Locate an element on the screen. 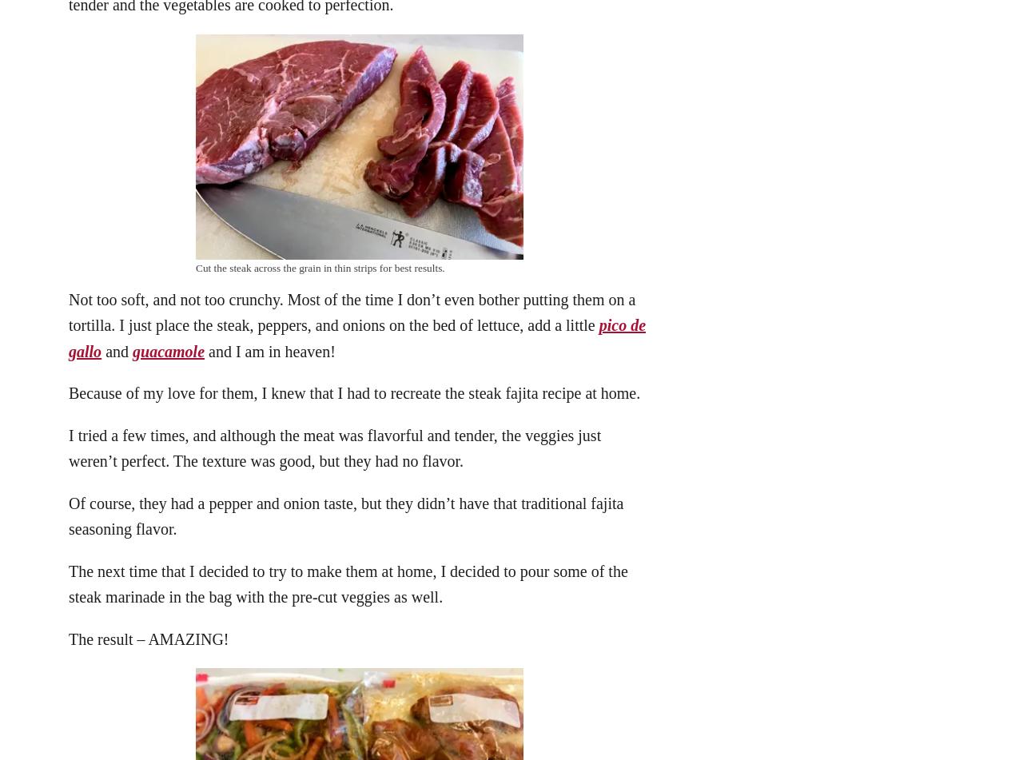 This screenshot has height=760, width=1023. 'and' is located at coordinates (116, 350).